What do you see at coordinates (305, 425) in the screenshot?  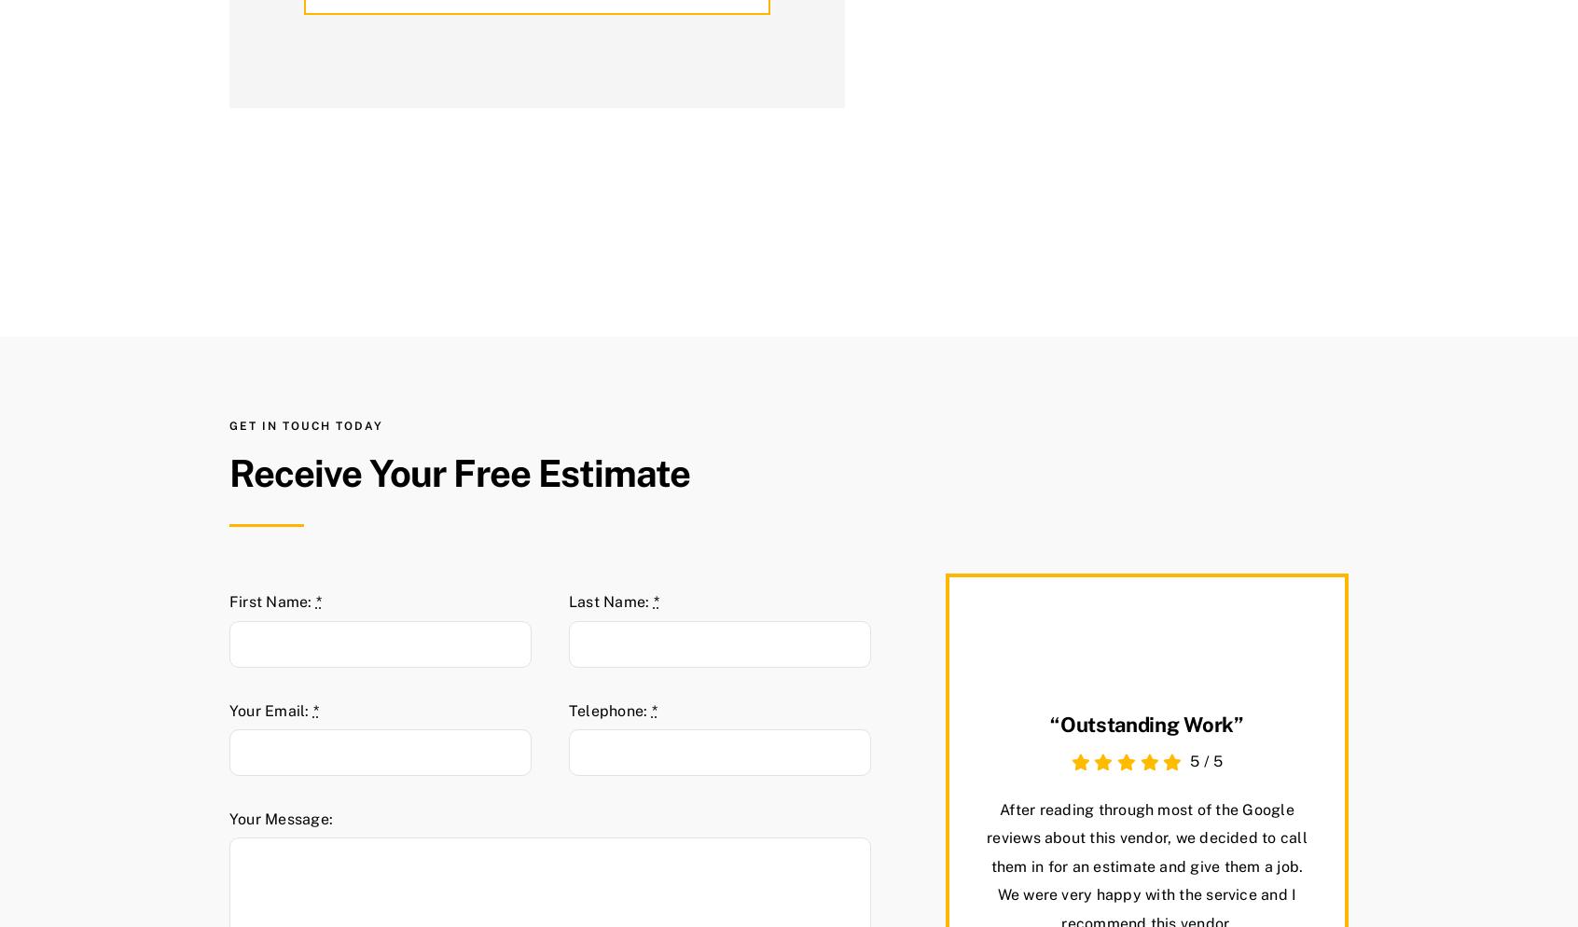 I see `'Get in touch today'` at bounding box center [305, 425].